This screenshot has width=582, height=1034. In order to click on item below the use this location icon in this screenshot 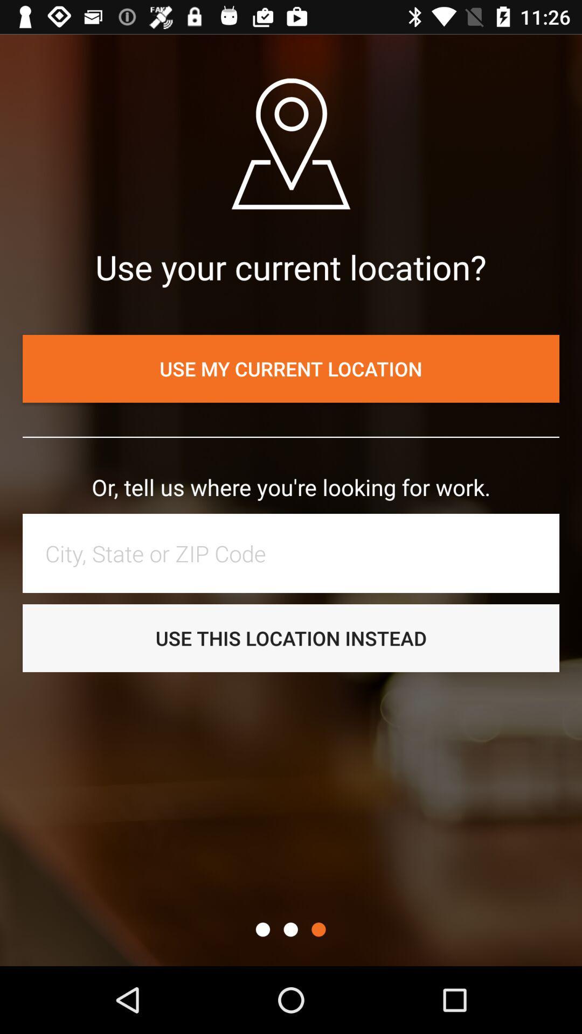, I will do `click(318, 929)`.